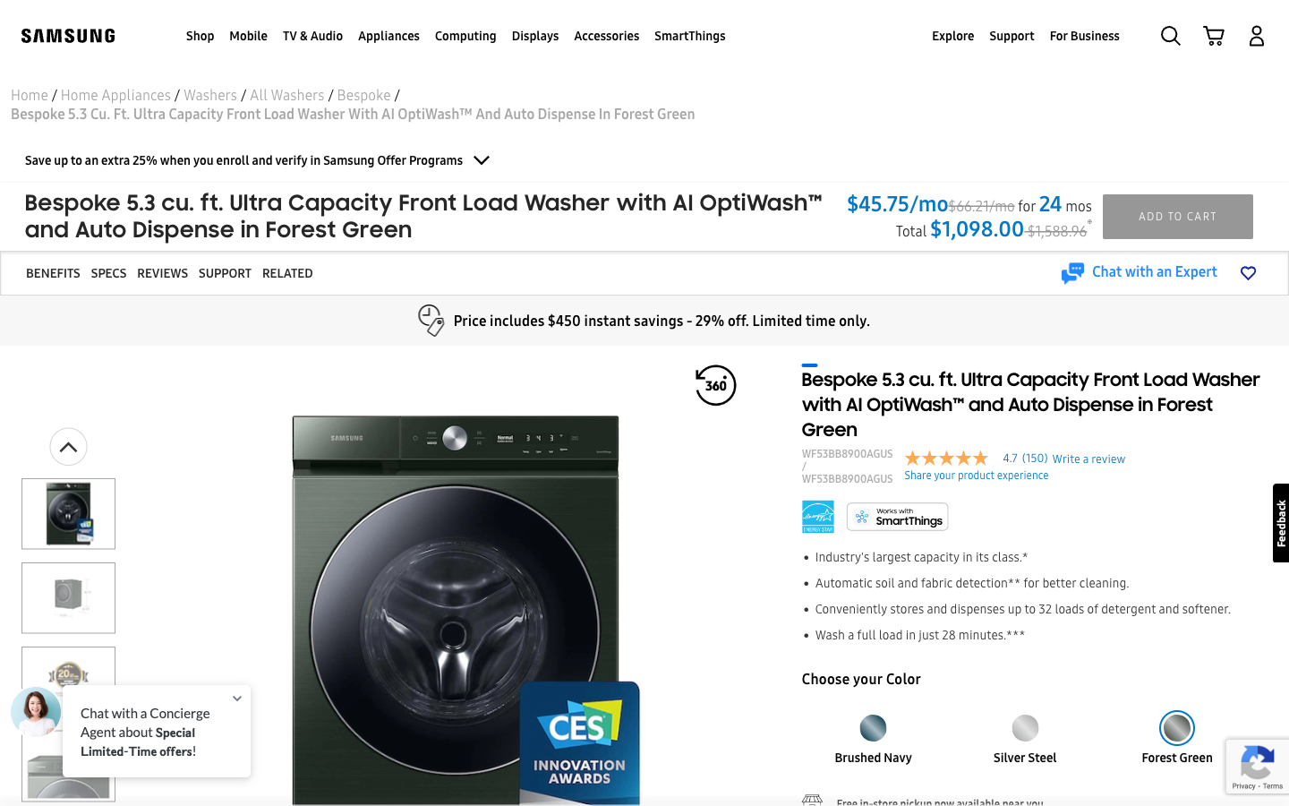  I want to click on Pick the emerald green color and click on the first image, so click(1024, 722).